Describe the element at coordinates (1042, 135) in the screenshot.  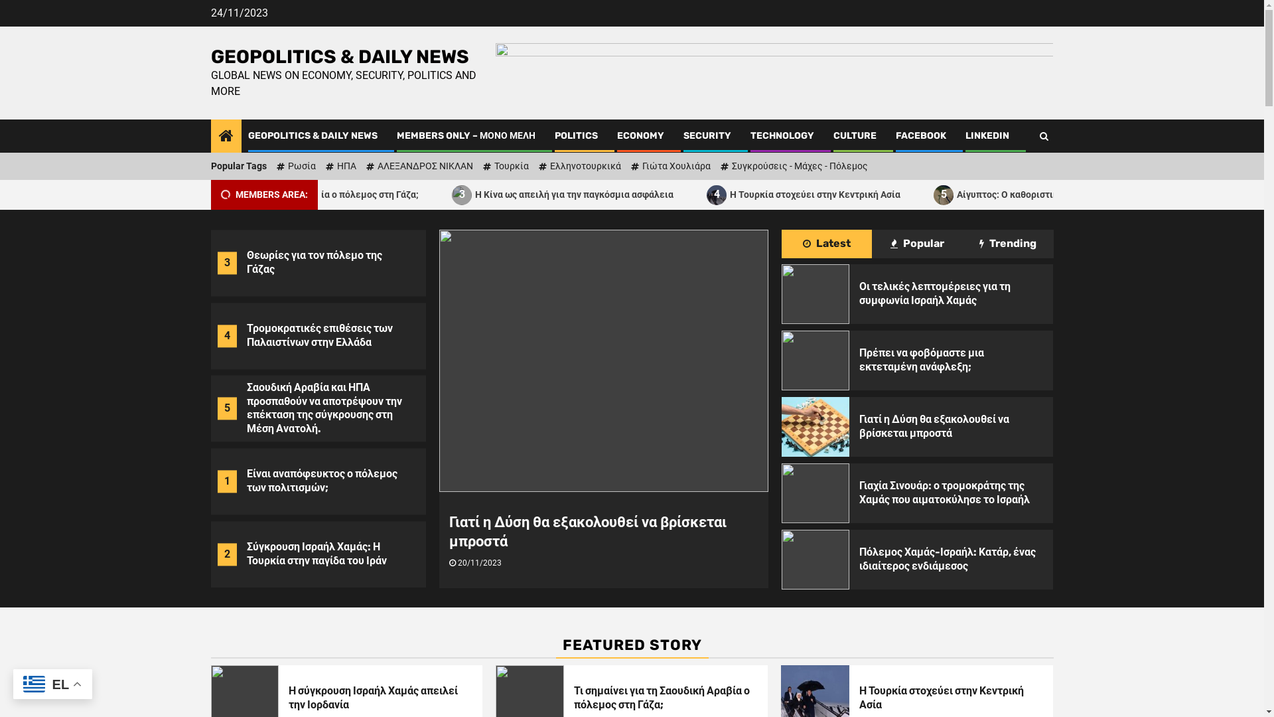
I see `'Search'` at that location.